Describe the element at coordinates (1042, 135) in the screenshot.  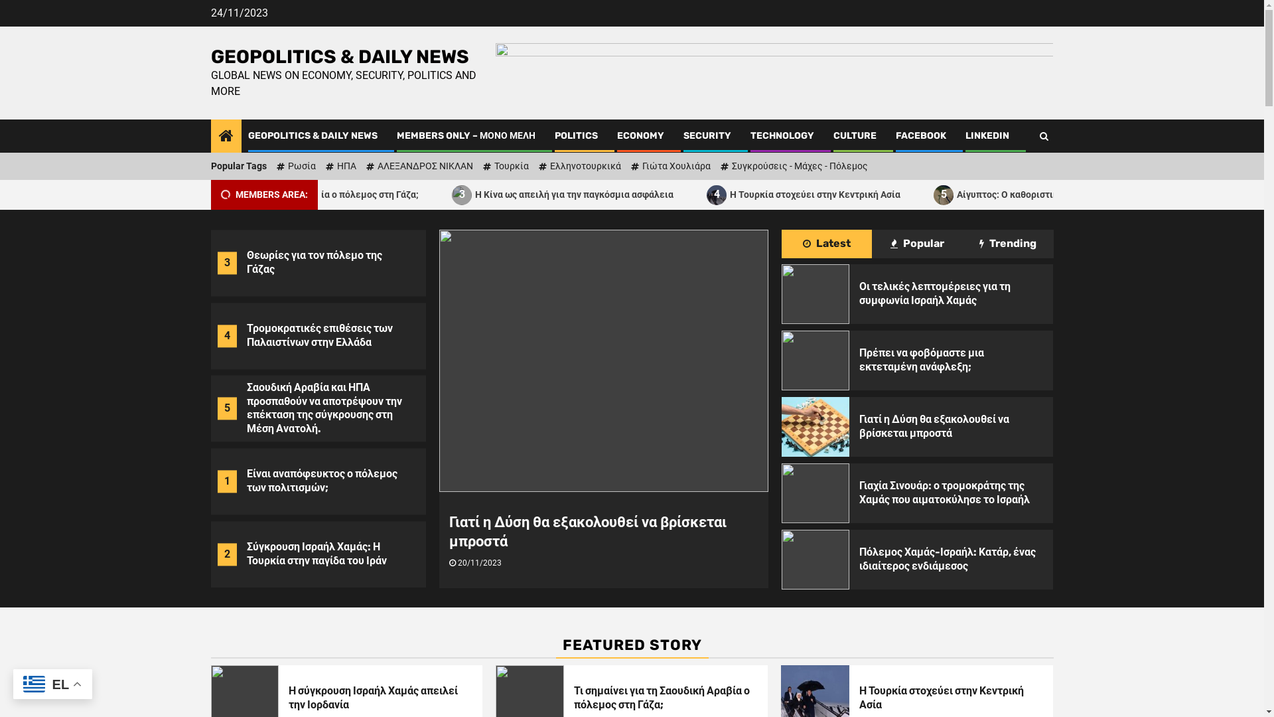
I see `'Search'` at that location.